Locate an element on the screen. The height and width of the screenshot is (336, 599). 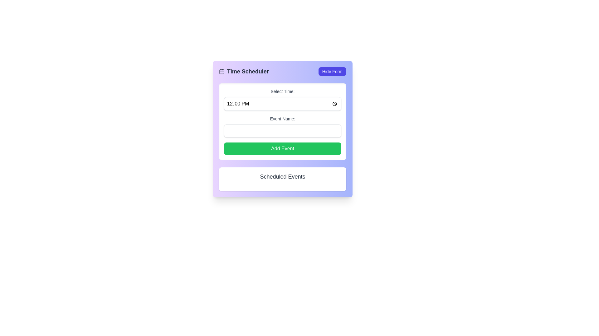
header text with an icon located in the upper-left corner of the form, positioned to the left of the 'Hide Form' button is located at coordinates (243, 71).